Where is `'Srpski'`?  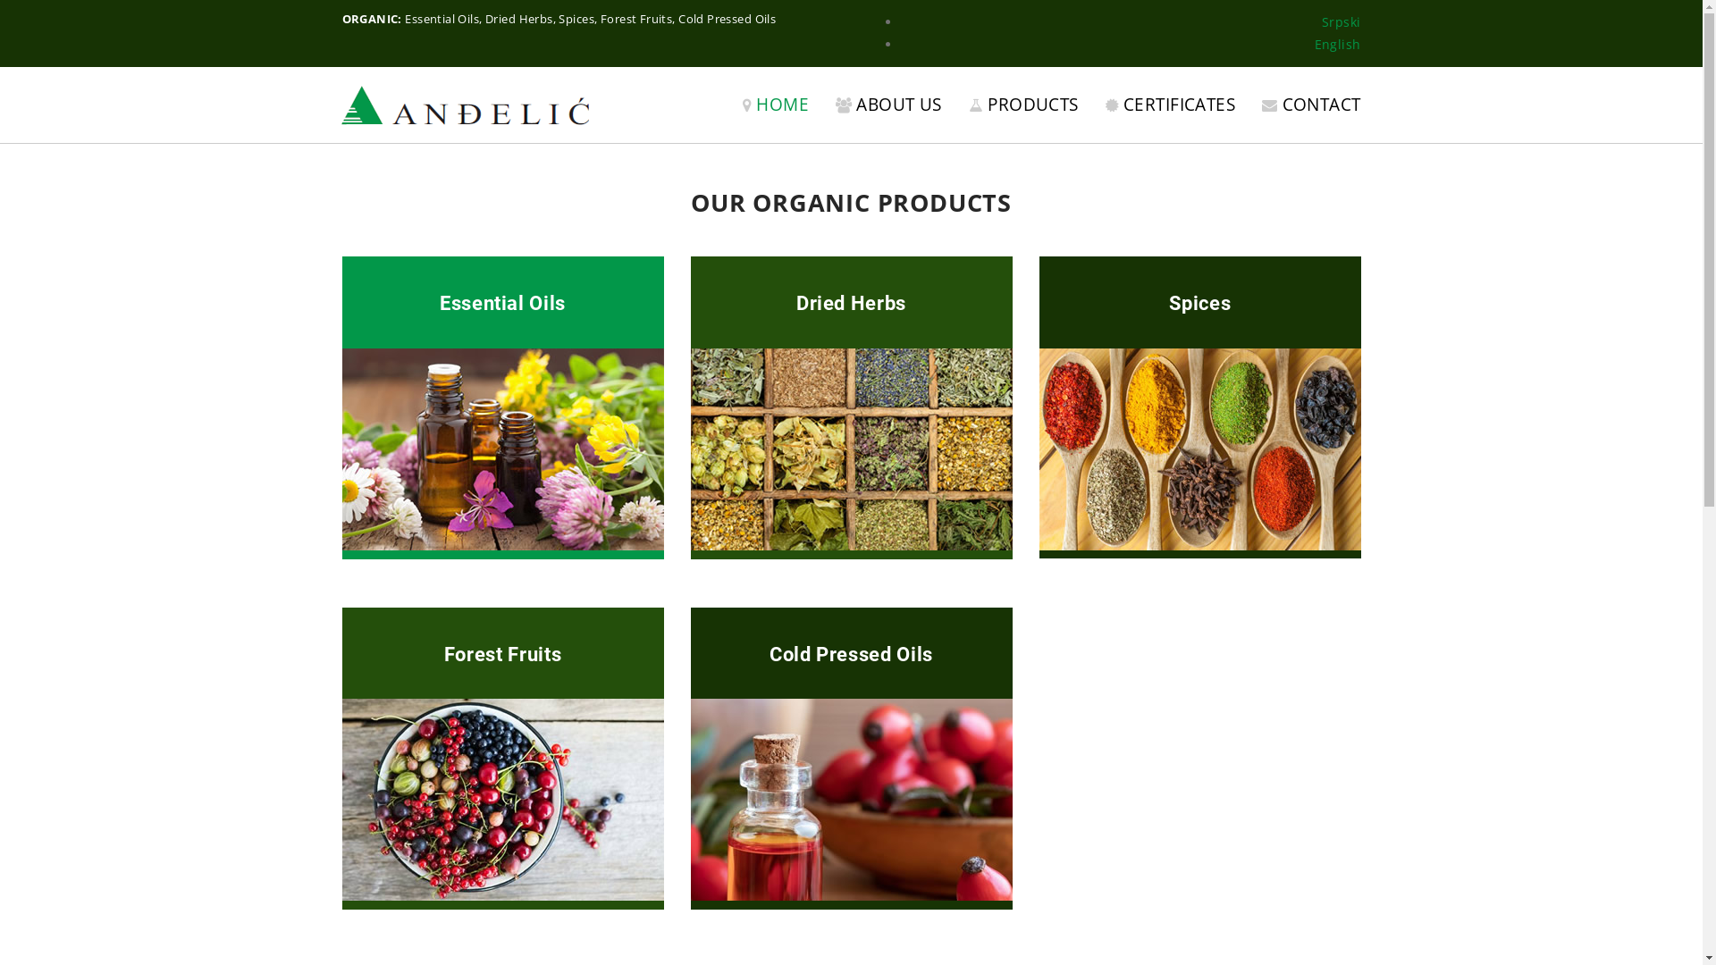 'Srpski' is located at coordinates (1321, 21).